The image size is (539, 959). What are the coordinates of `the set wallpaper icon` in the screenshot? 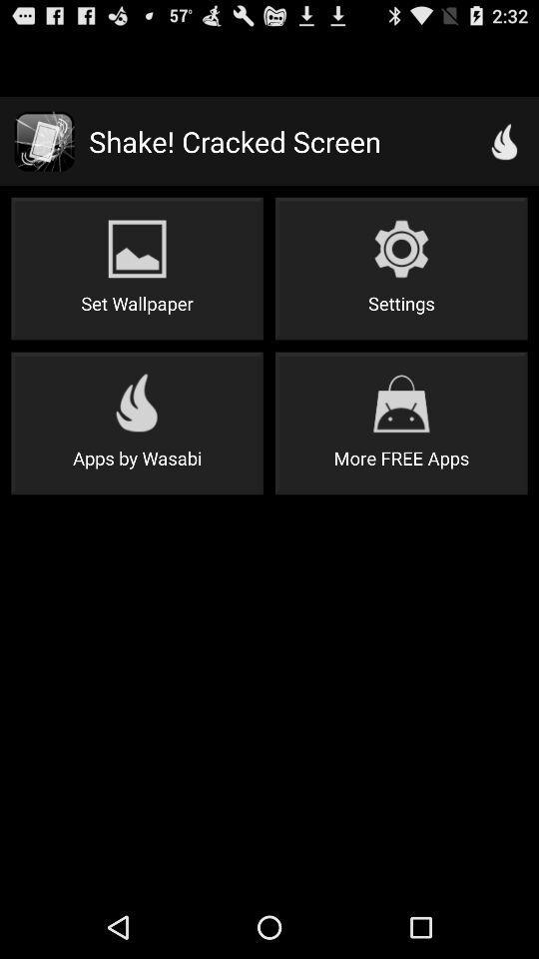 It's located at (136, 268).